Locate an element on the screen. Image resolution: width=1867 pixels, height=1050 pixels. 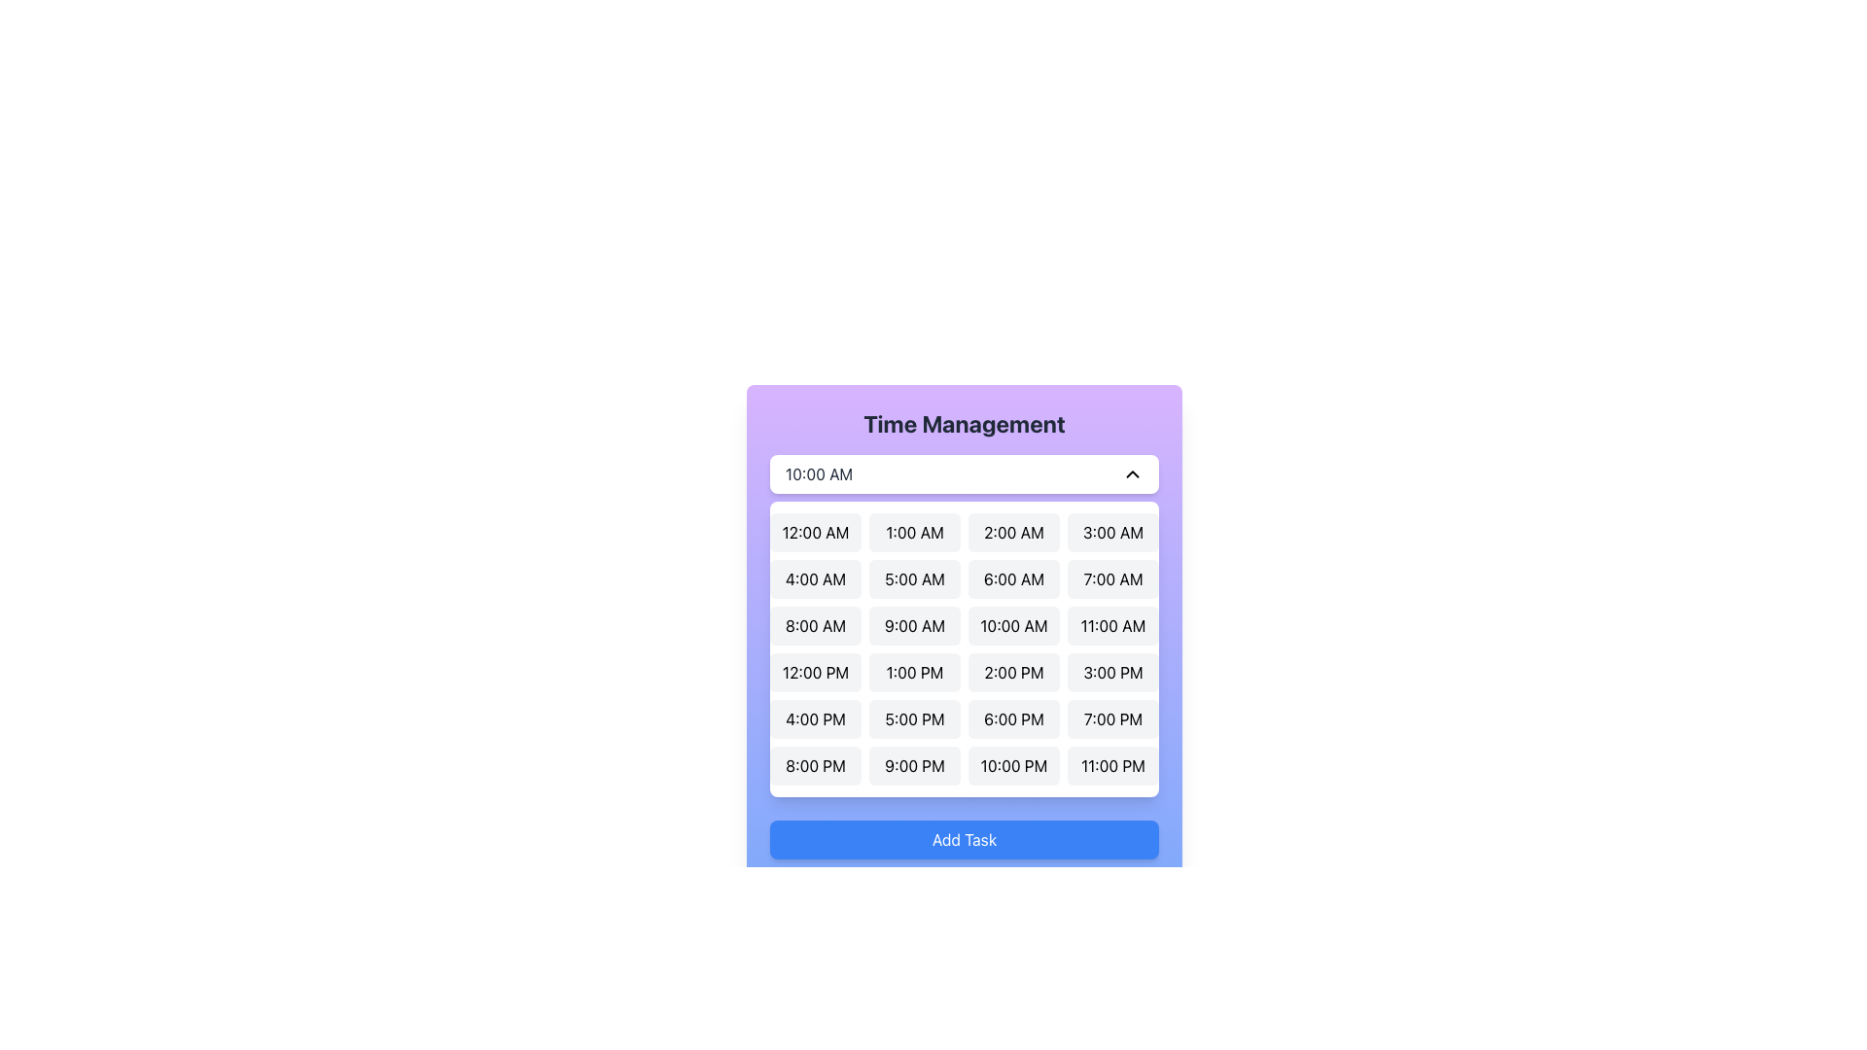
the rectangular button with rounded corners displaying '10:00 AM' is located at coordinates (1012, 626).